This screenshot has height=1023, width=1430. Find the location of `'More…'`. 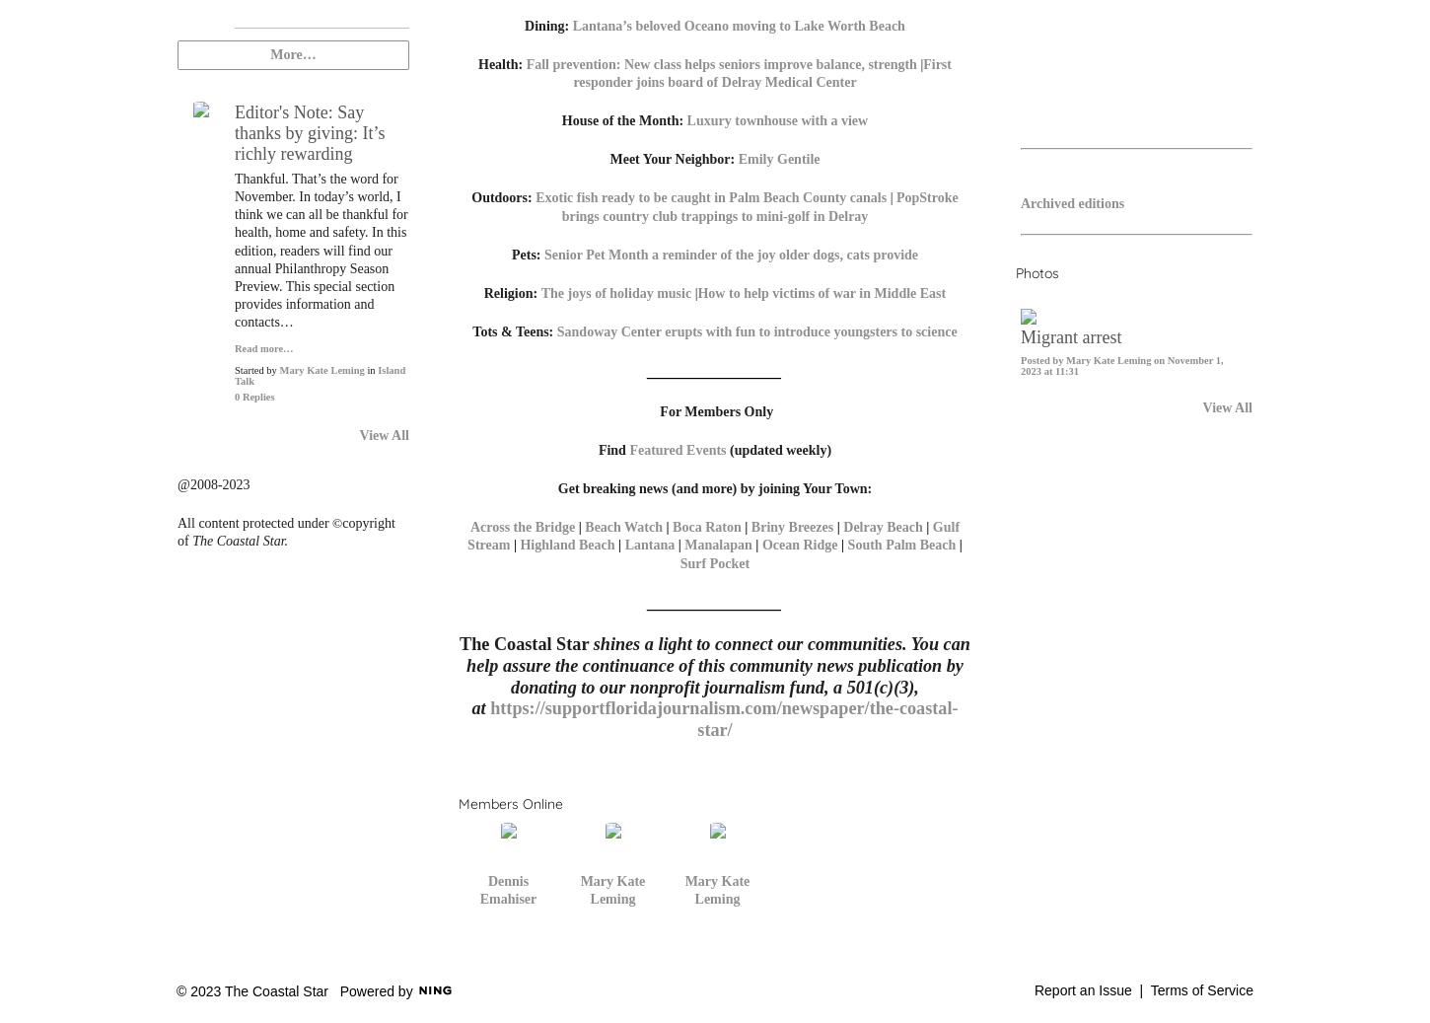

'More…' is located at coordinates (270, 52).